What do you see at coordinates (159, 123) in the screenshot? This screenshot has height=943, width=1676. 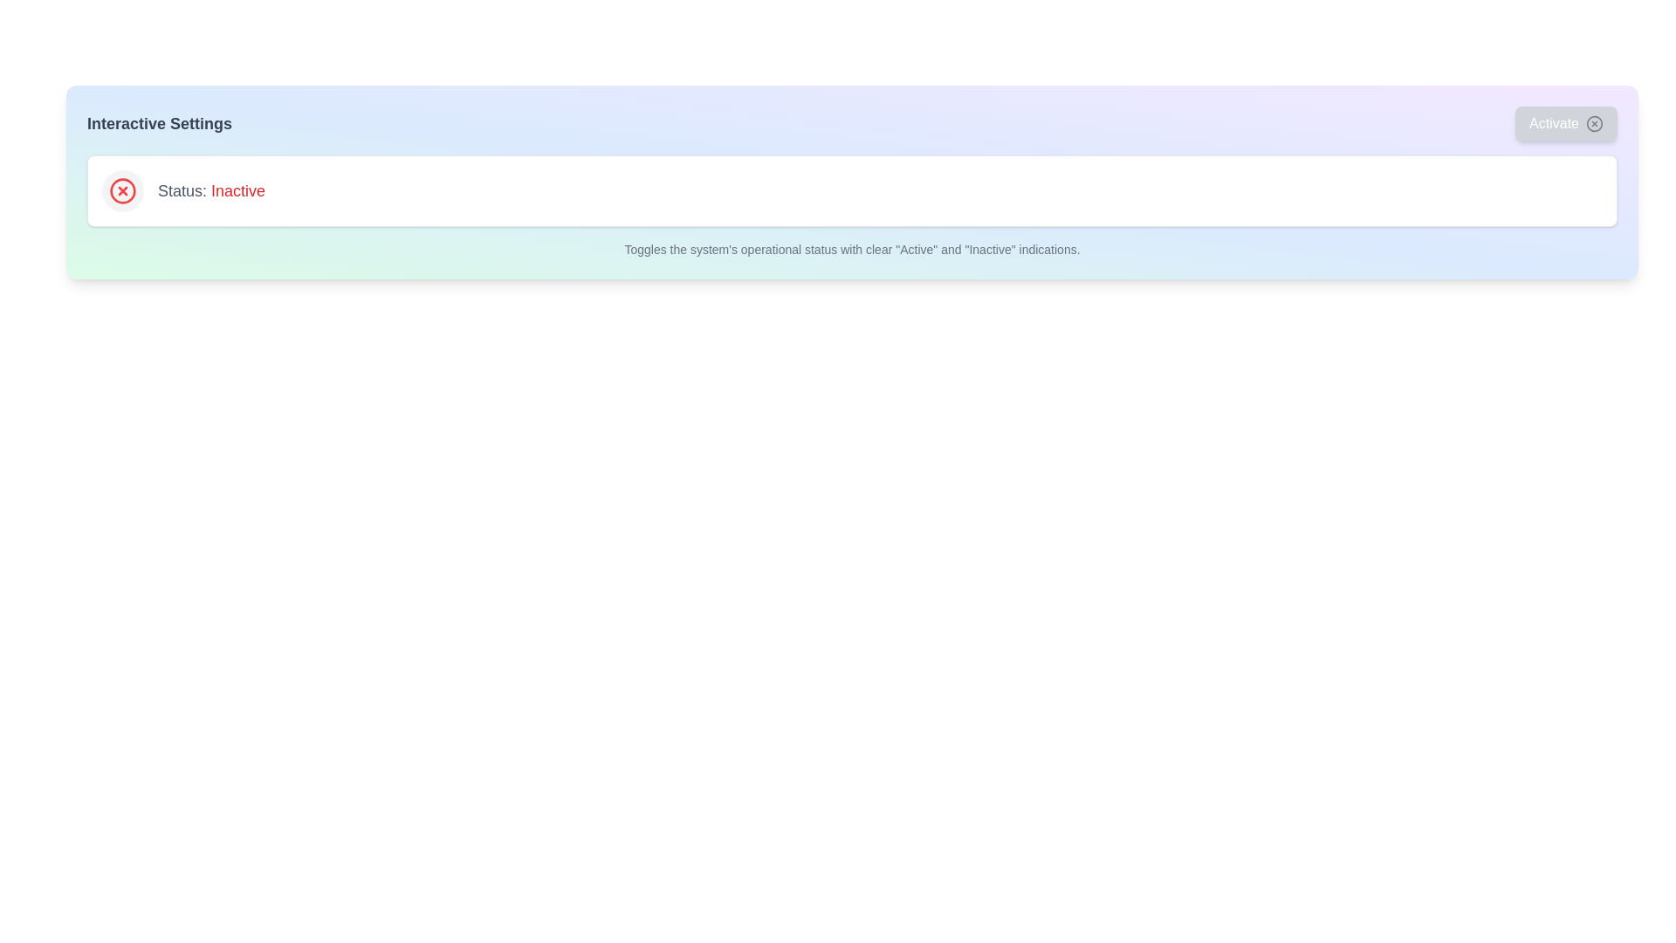 I see `the 'Interactive Settings' text label` at bounding box center [159, 123].